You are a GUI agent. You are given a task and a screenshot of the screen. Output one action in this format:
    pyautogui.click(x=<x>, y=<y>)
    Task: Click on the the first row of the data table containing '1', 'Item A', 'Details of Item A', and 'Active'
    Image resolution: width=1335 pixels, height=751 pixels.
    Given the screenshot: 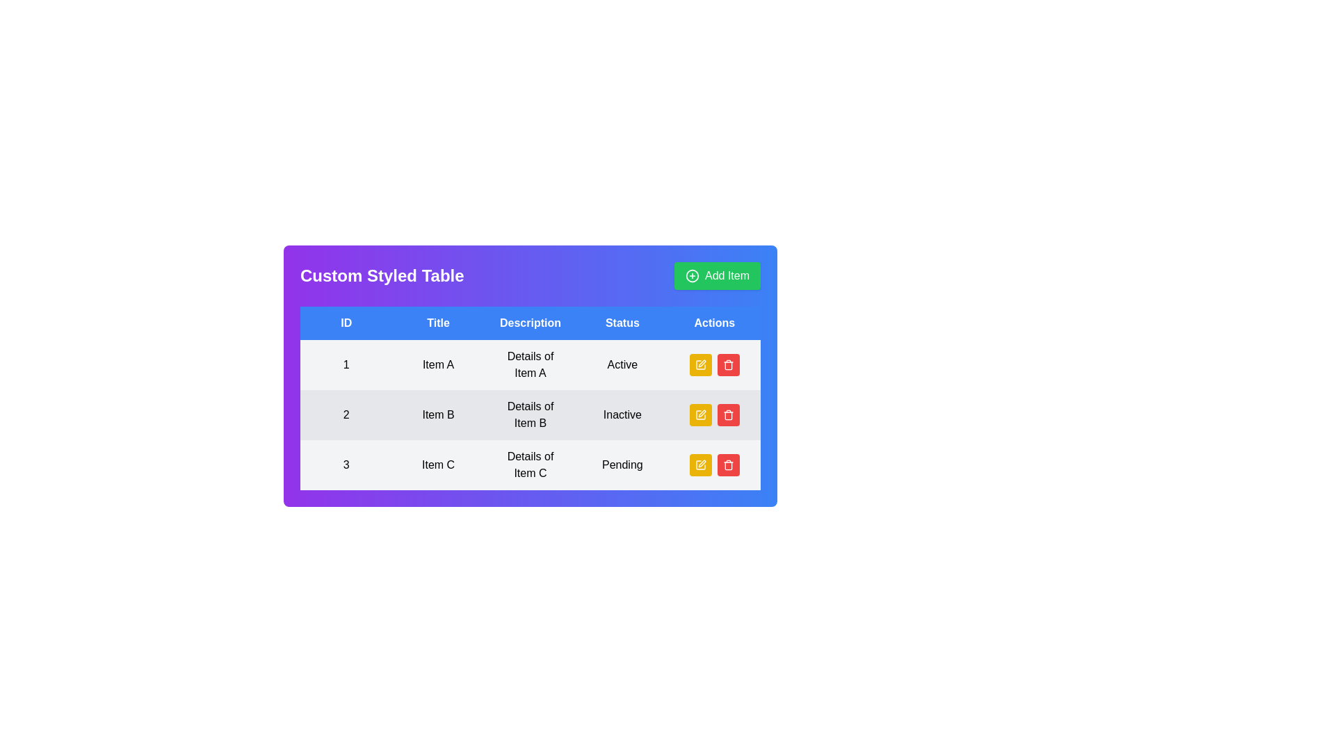 What is the action you would take?
    pyautogui.click(x=530, y=364)
    